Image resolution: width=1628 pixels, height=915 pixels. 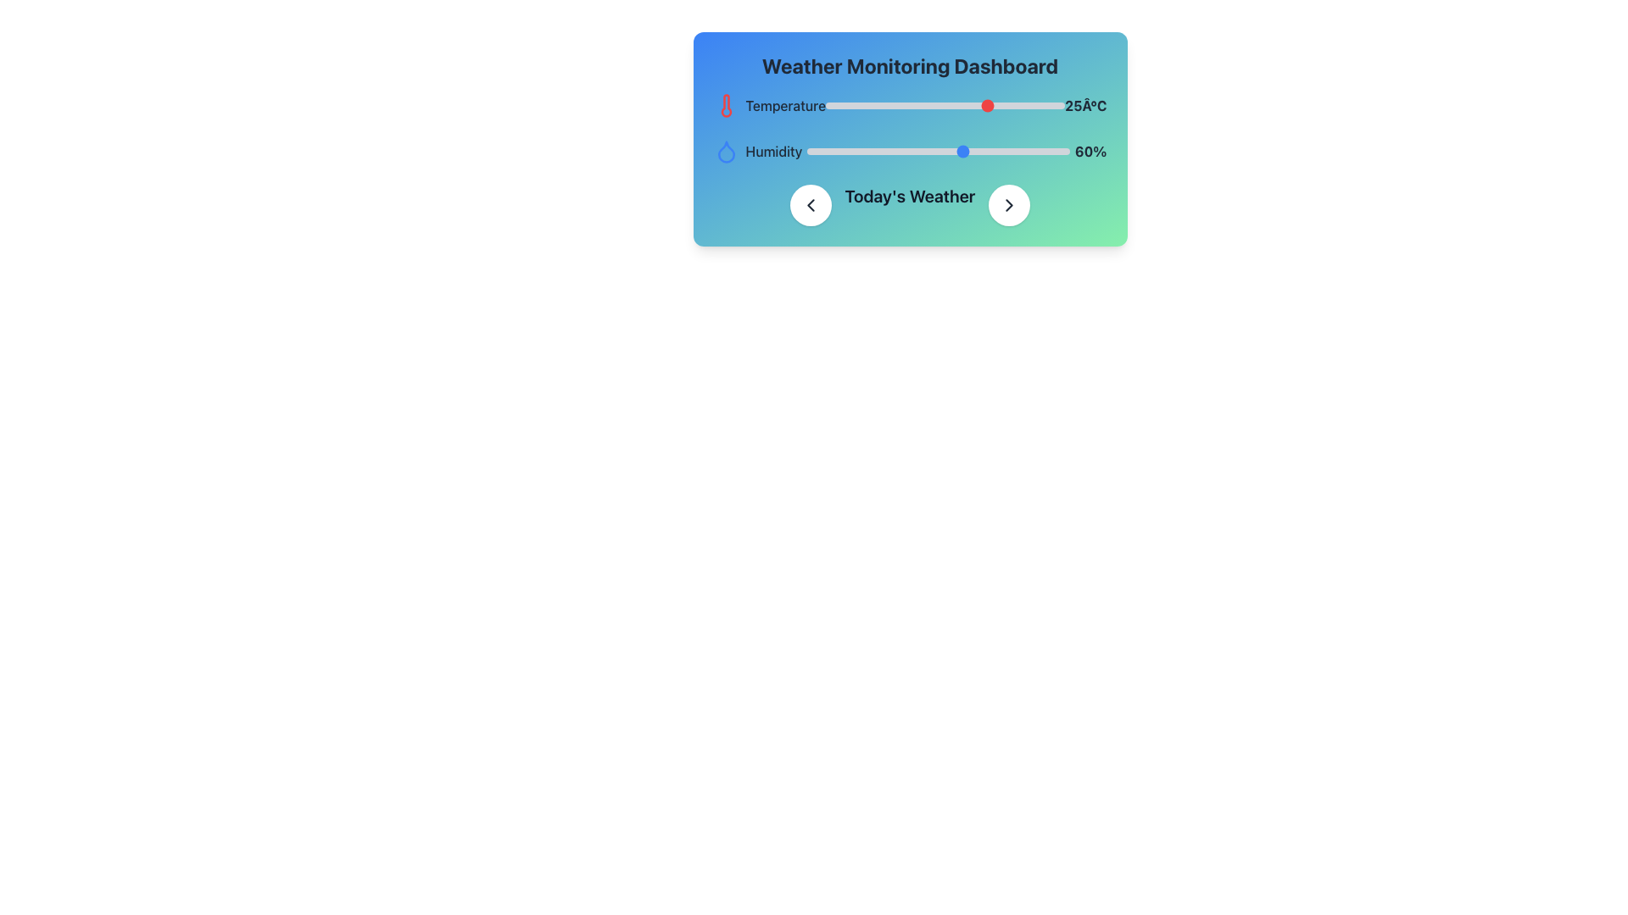 What do you see at coordinates (726, 151) in the screenshot?
I see `the blue droplet-shaped icon representing humidity level, located to the left of the 'Humidity' label in the weather monitoring dashboard` at bounding box center [726, 151].